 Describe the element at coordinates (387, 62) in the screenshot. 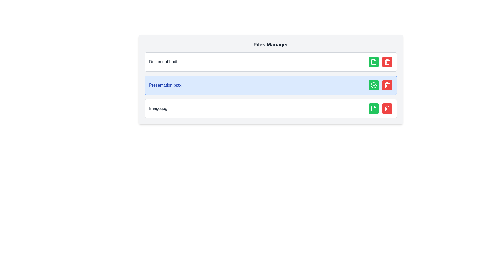

I see `the trash can icon with a red background next to the row labeled 'Presentation.pptx' to initiate a delete action` at that location.